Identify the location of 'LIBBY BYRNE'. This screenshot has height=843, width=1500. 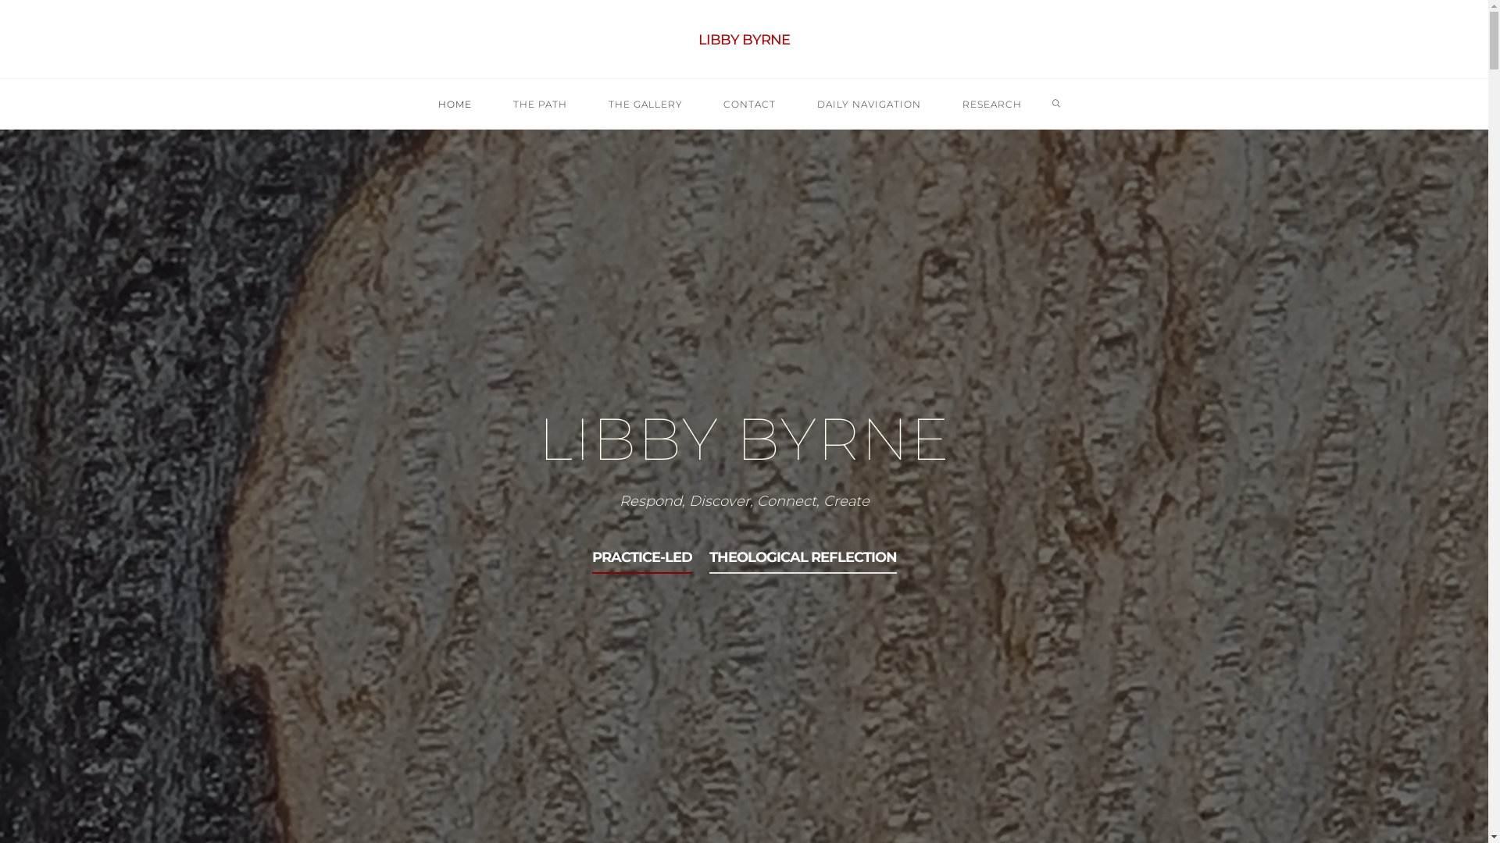
(743, 38).